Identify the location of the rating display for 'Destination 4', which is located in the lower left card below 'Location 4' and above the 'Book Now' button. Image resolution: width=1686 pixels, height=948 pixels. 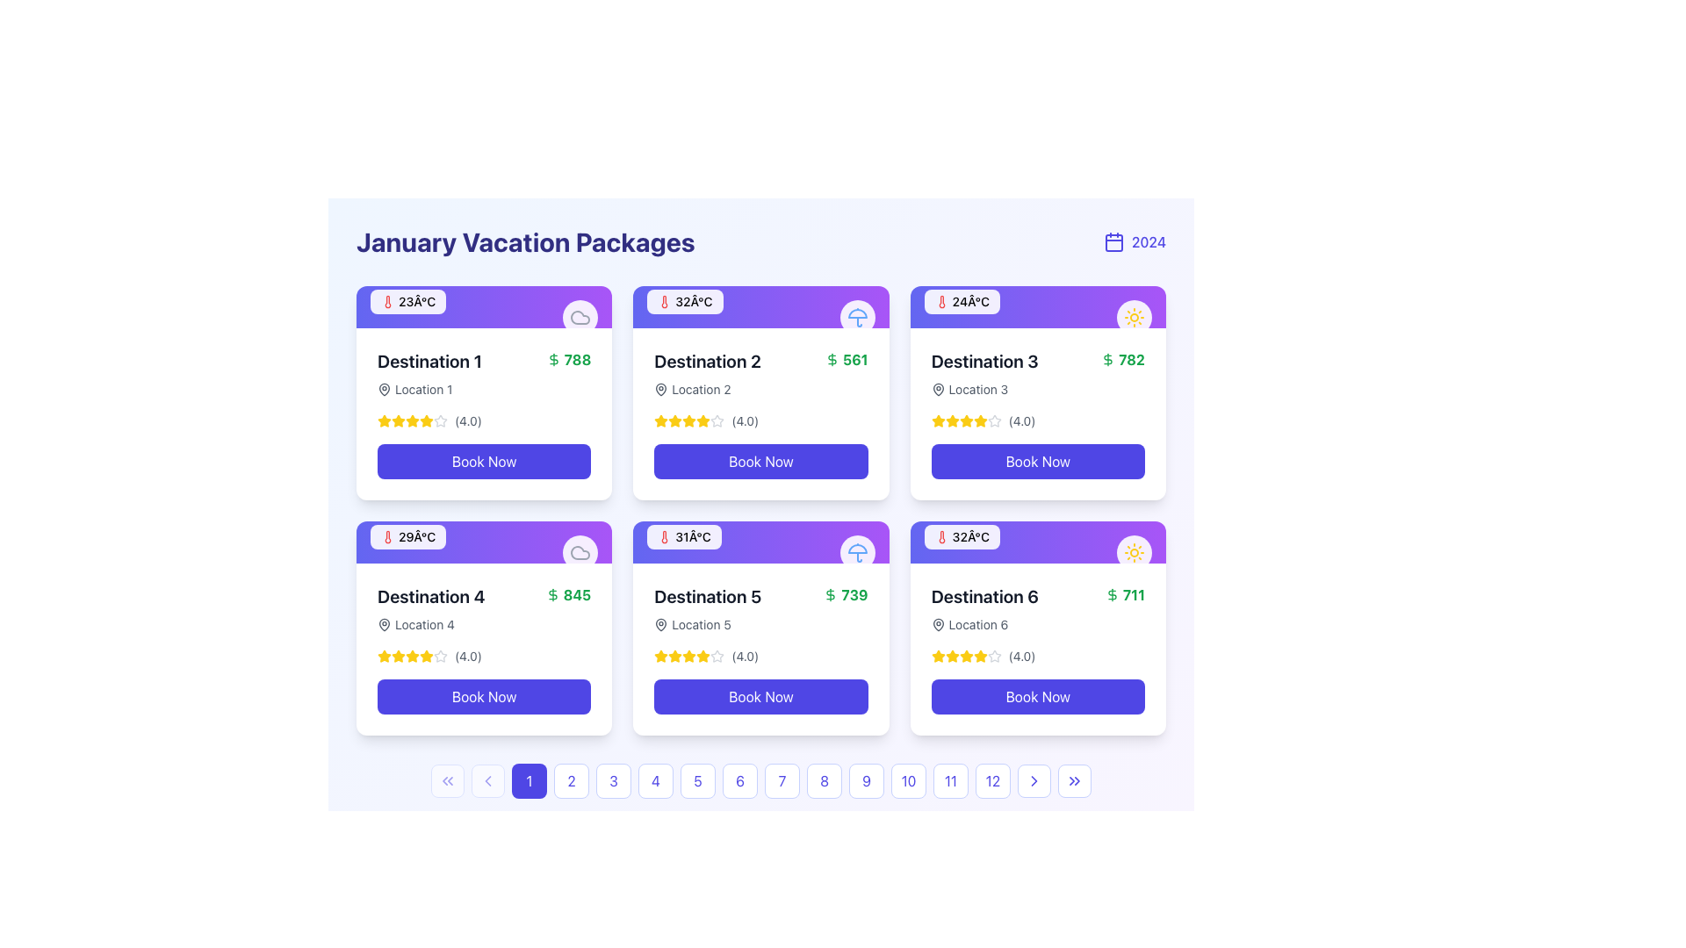
(484, 657).